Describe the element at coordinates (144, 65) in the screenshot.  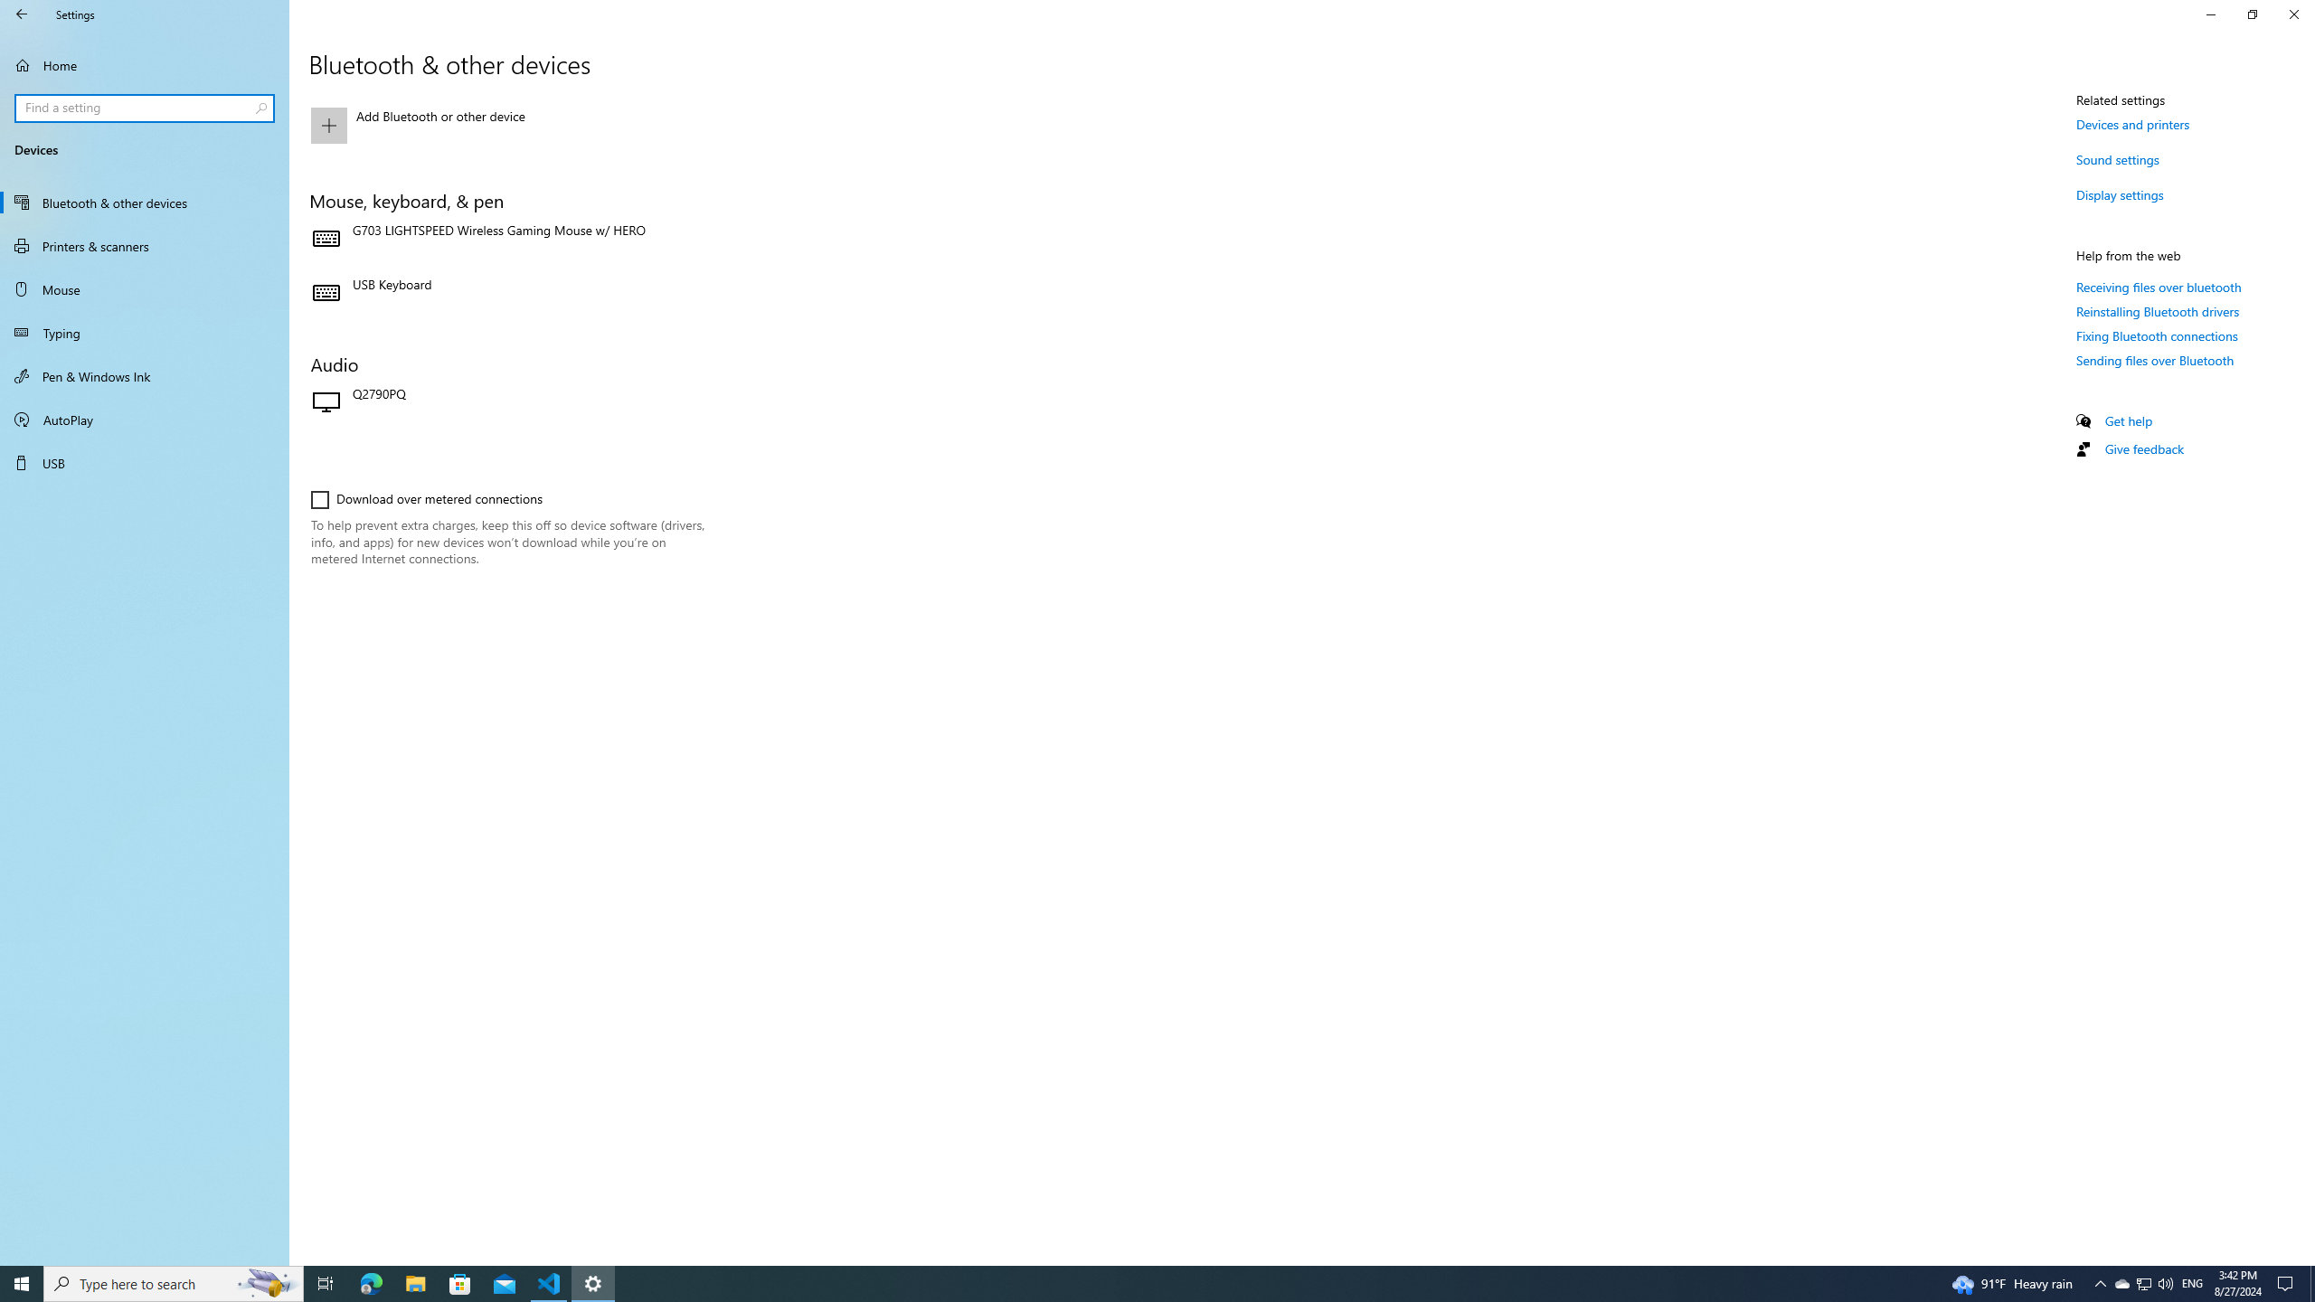
I see `'Home'` at that location.